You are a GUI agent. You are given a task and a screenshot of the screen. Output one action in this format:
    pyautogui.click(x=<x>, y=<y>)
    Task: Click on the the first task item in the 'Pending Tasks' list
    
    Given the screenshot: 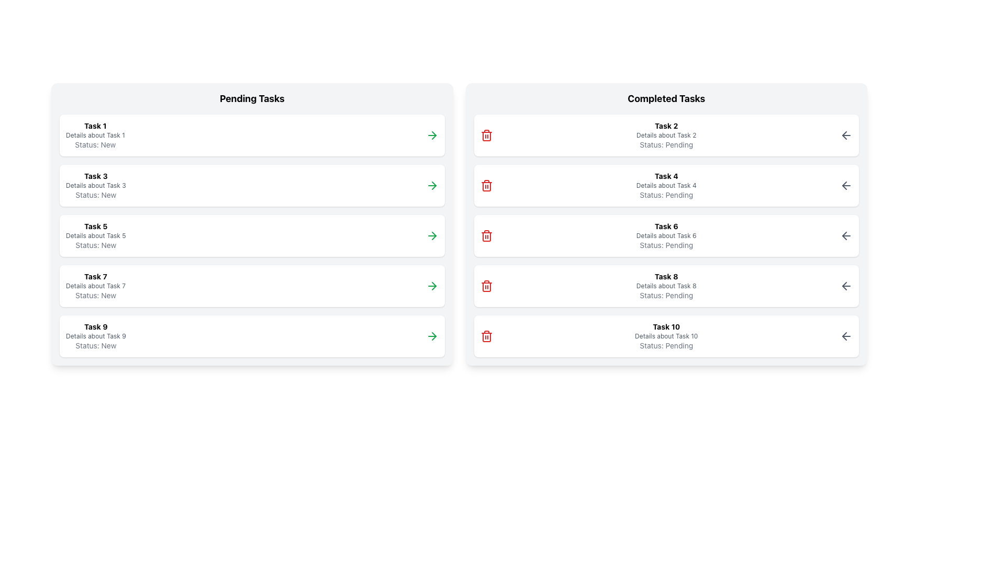 What is the action you would take?
    pyautogui.click(x=252, y=134)
    